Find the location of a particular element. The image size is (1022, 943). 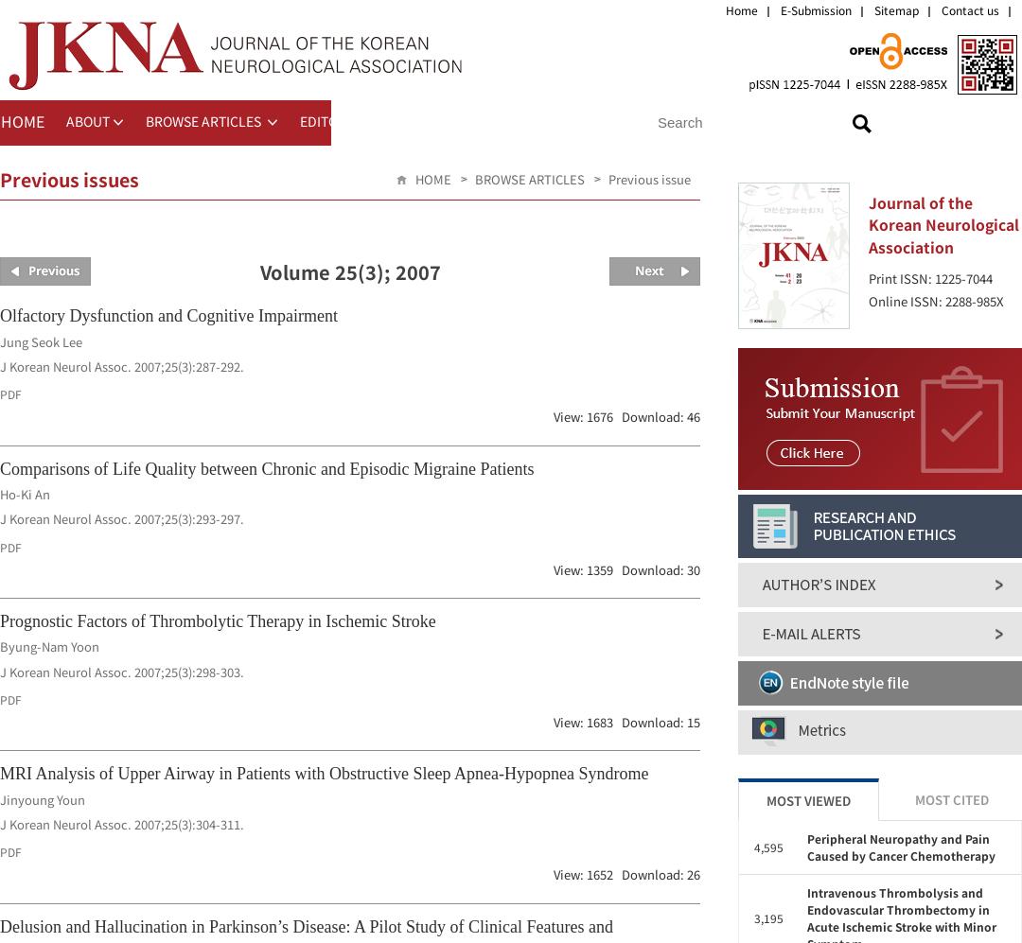

'Association' is located at coordinates (869, 245).